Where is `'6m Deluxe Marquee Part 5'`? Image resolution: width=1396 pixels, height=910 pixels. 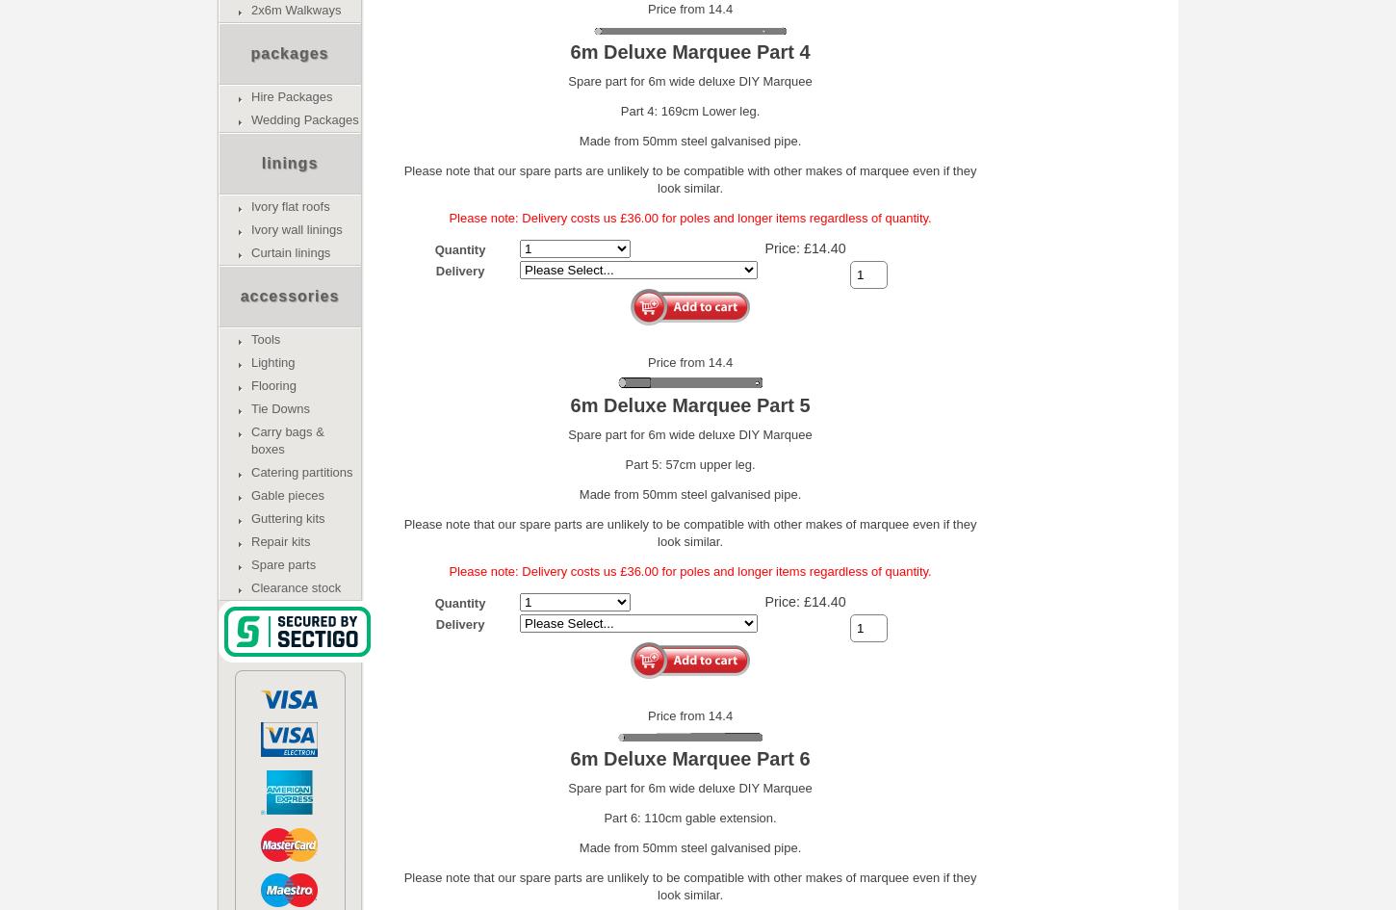 '6m Deluxe Marquee Part 5' is located at coordinates (688, 403).